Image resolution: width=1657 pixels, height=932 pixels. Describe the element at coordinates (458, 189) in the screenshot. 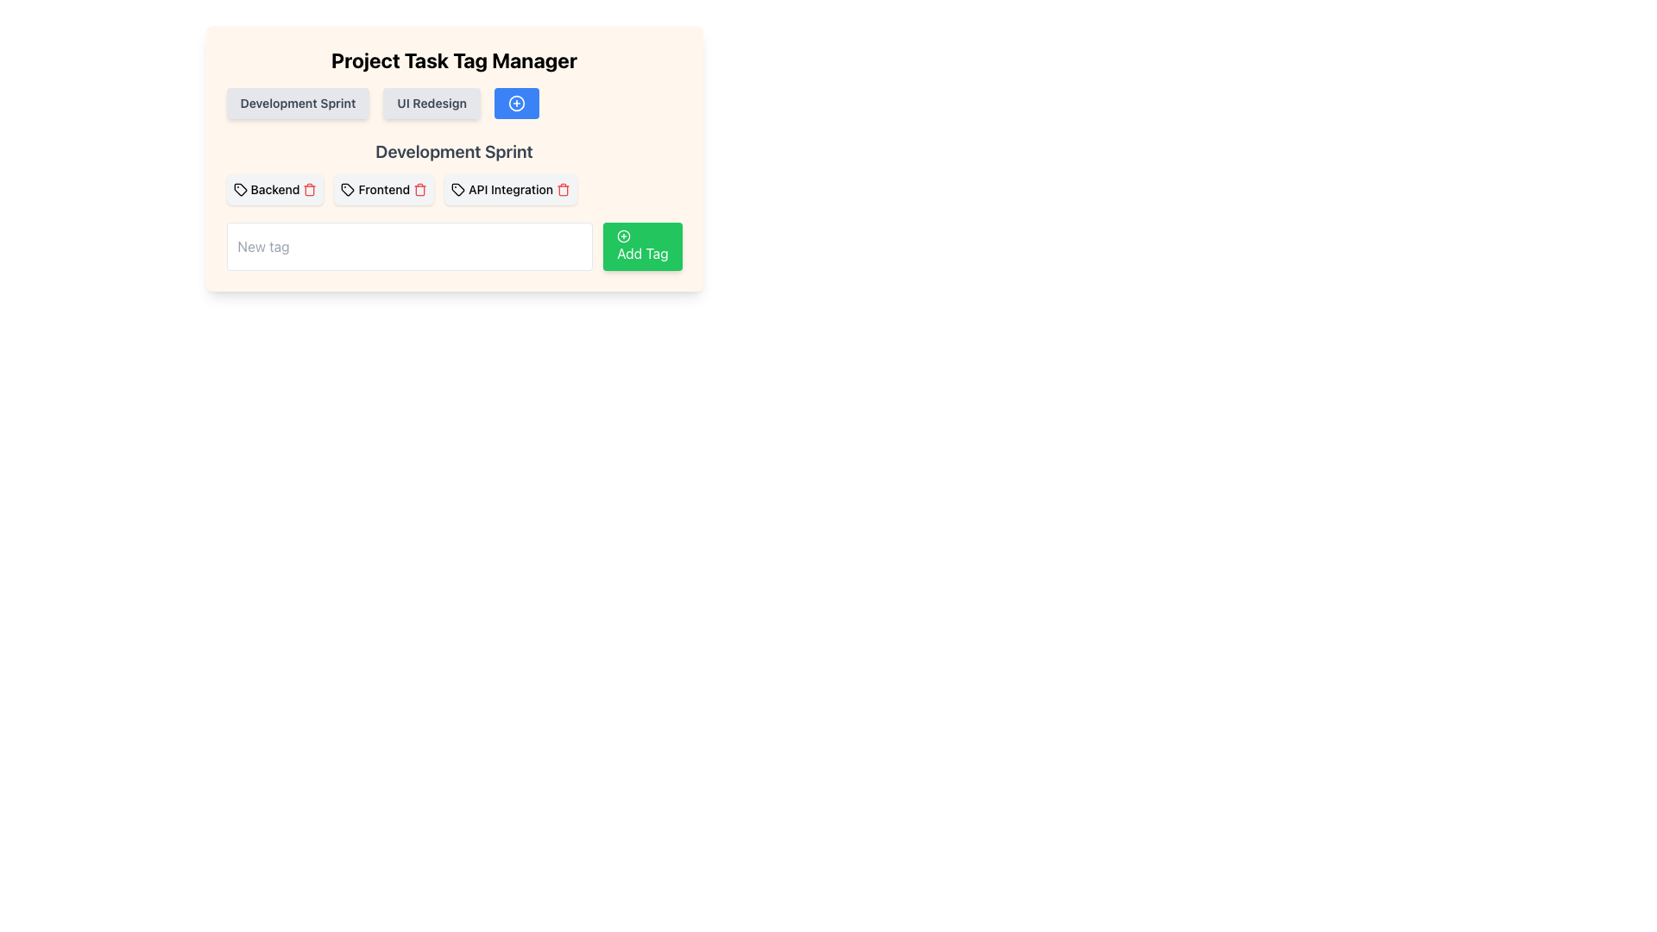

I see `the graphical tag icon resembling a rectangular tag with a rounded end, located within the 'API Integration' button under the 'Development Sprint' heading` at that location.